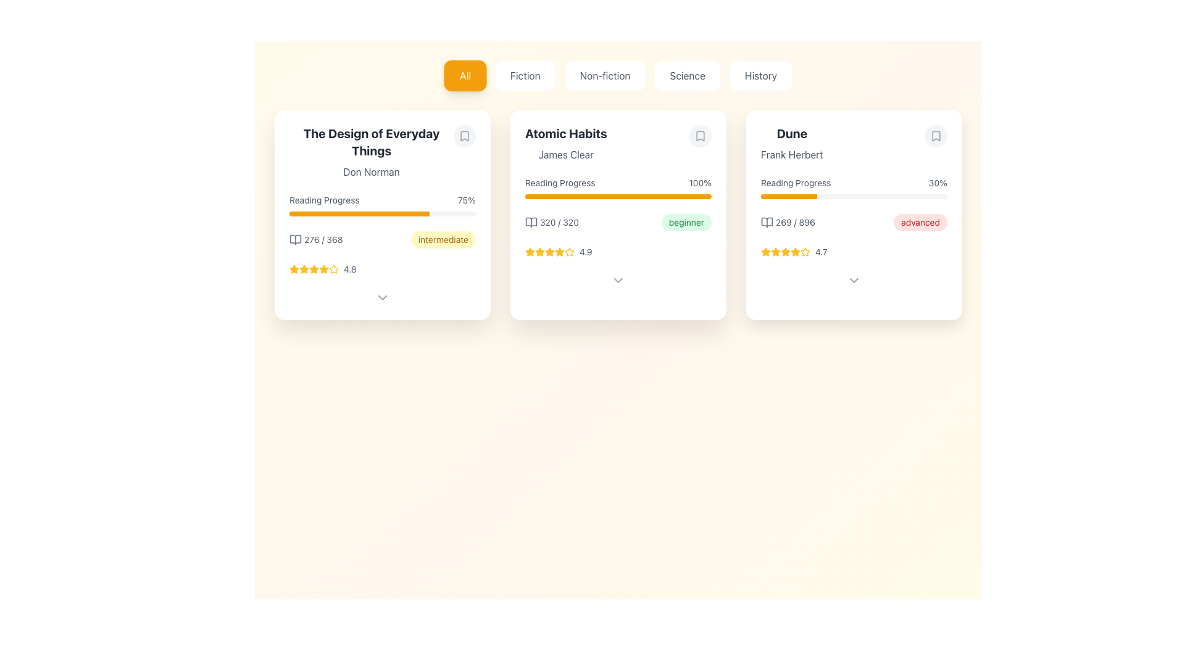  I want to click on the third golden-yellow star icon in the rating section of the 'Dune' card, which is part of a horizontal line of five stars, so click(775, 251).